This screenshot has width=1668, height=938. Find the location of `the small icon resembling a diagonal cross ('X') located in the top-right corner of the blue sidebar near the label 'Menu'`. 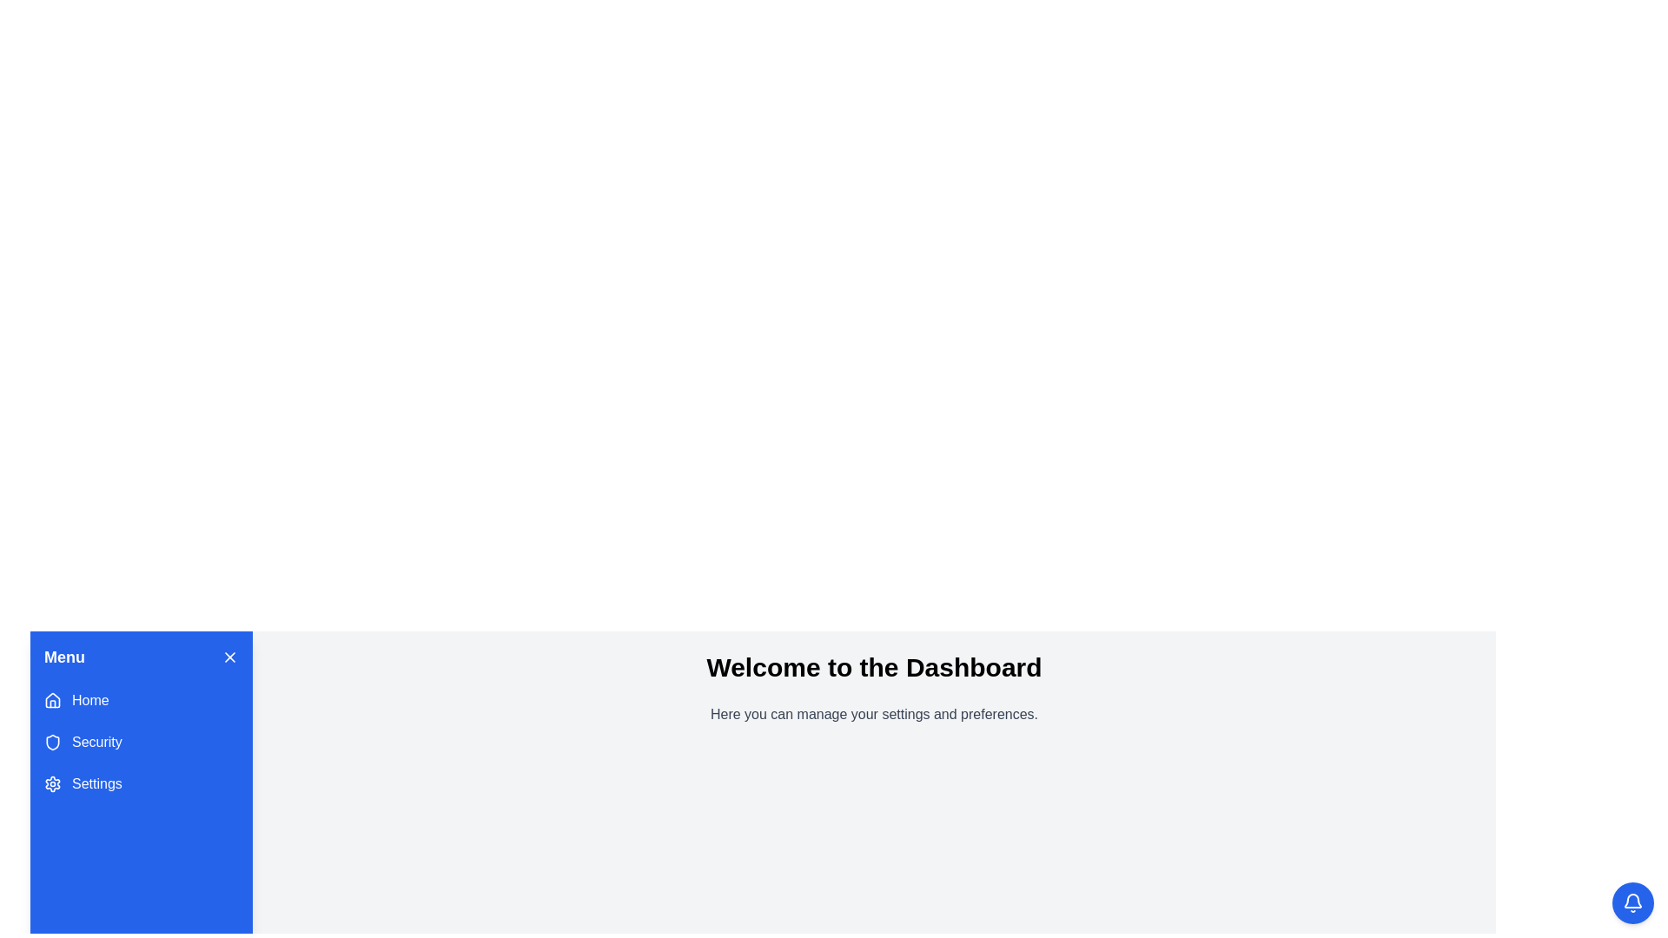

the small icon resembling a diagonal cross ('X') located in the top-right corner of the blue sidebar near the label 'Menu' is located at coordinates (228, 657).